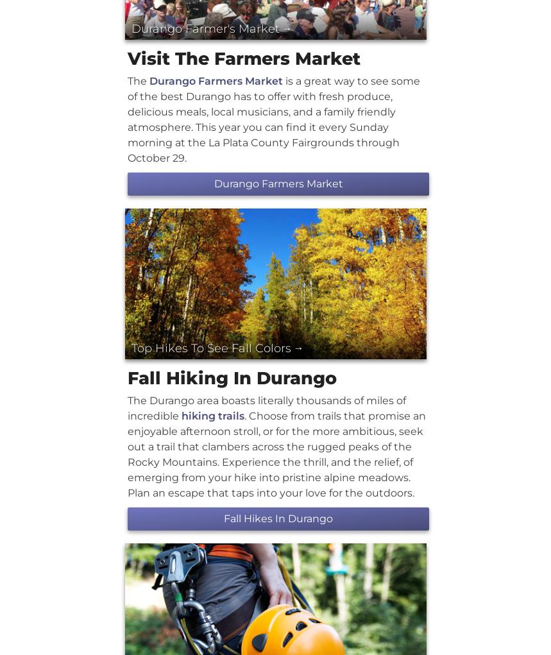 This screenshot has width=551, height=655. I want to click on 'Top Hikes To See Fall Colors', so click(210, 348).